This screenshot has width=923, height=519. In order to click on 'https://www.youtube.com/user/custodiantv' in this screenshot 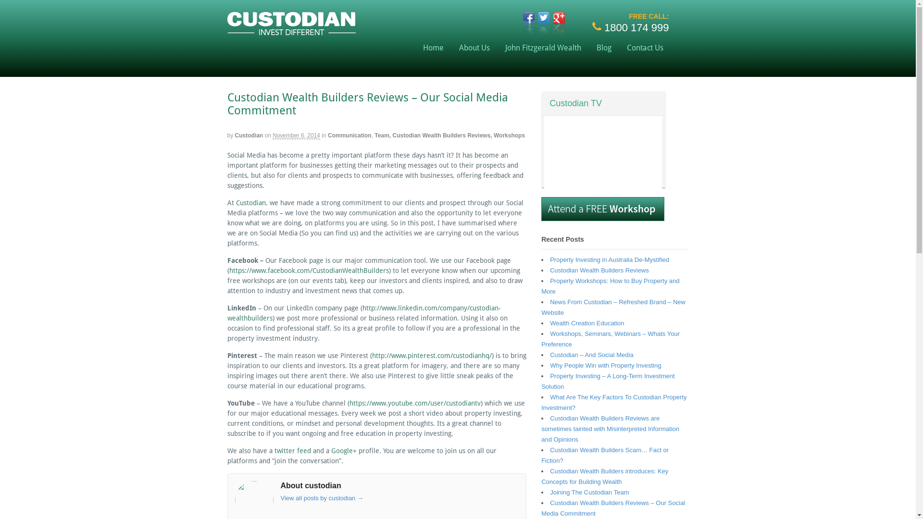, I will do `click(348, 403)`.